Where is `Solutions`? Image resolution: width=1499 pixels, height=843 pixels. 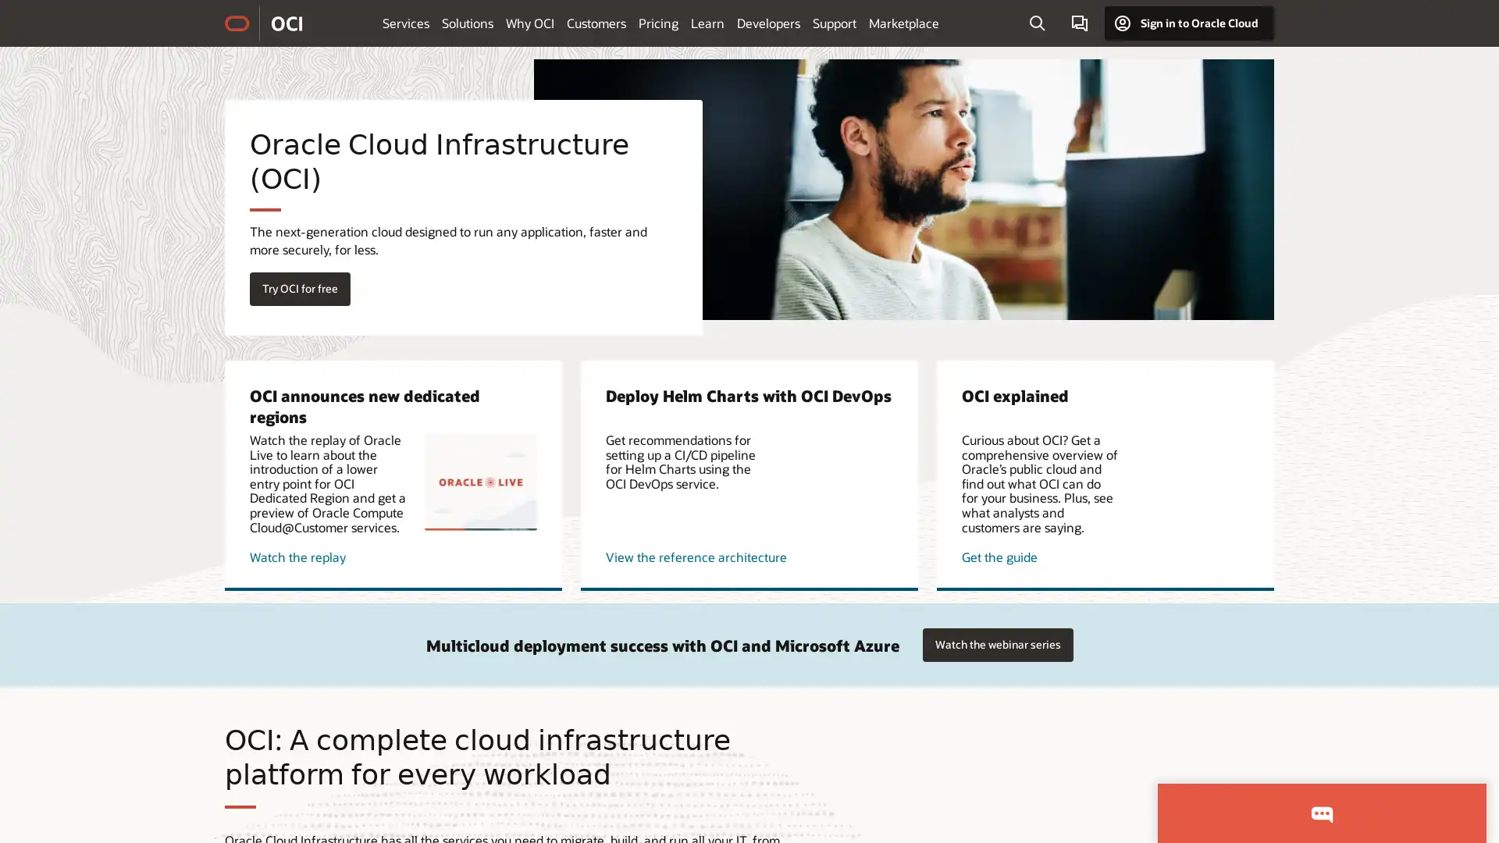 Solutions is located at coordinates (467, 23).